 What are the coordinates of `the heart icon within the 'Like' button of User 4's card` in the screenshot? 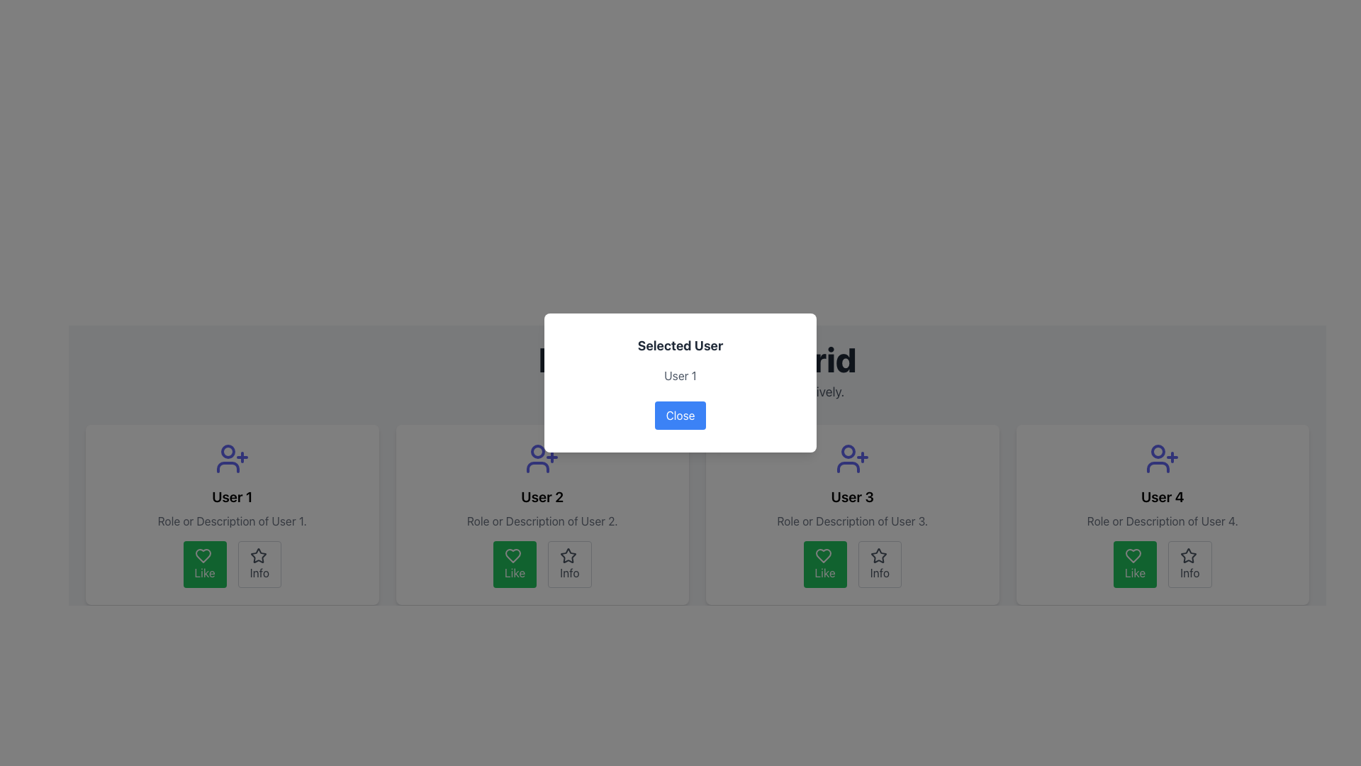 It's located at (1132, 555).